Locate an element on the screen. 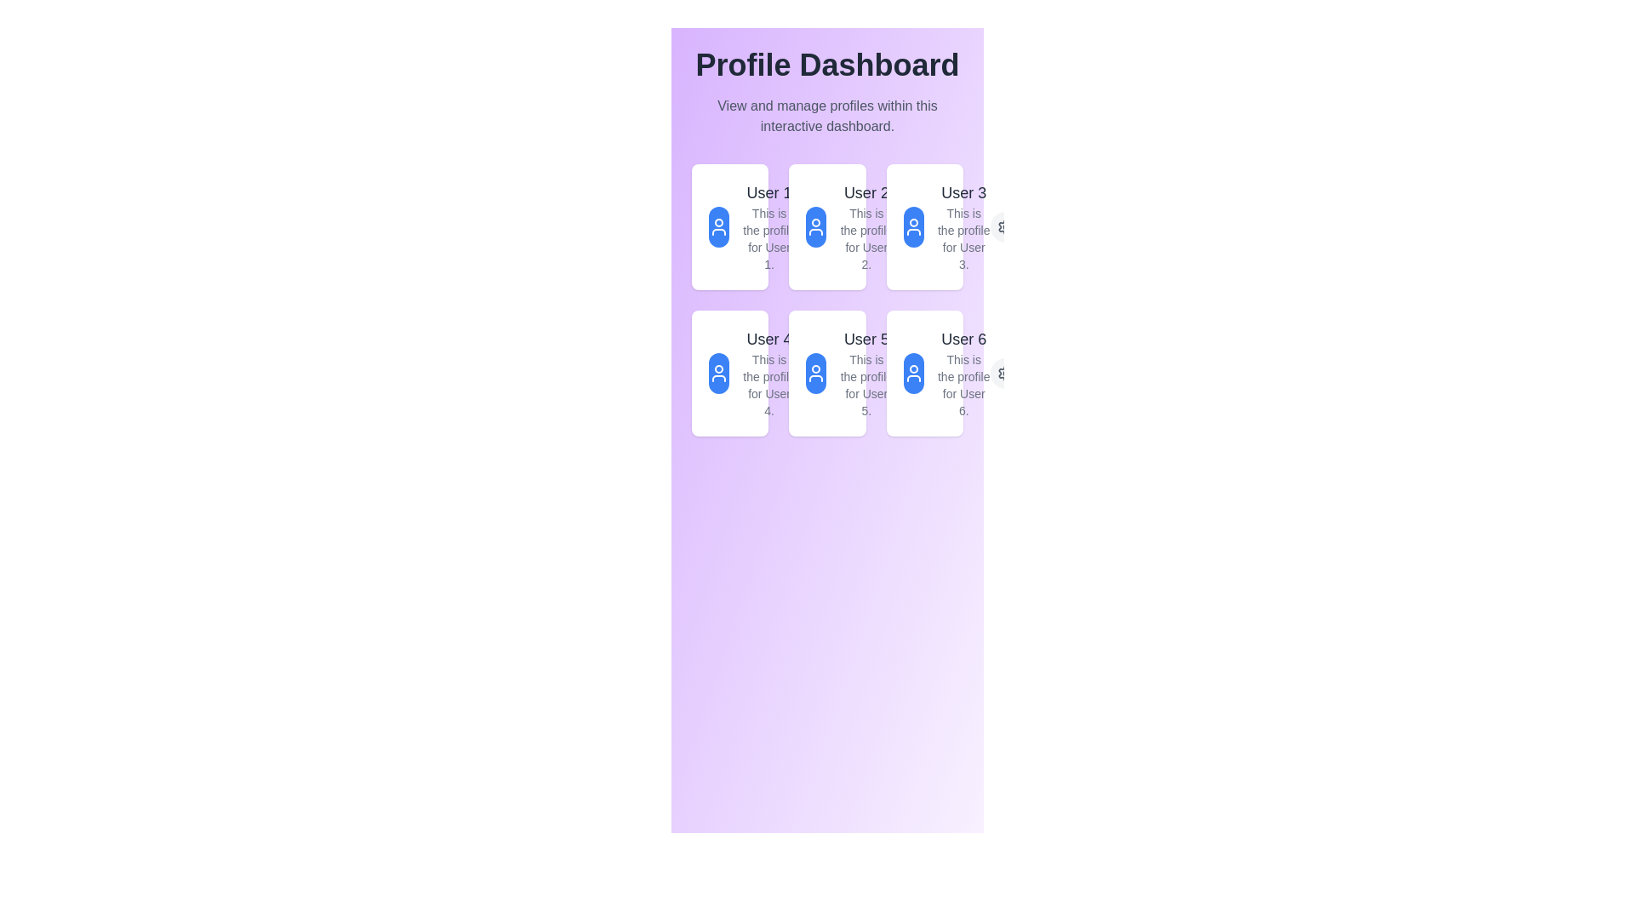 This screenshot has height=919, width=1634. the Text block element displaying 'User 3' and 'This is the profile for User 3.' in the top-right portion of the grid layout is located at coordinates (963, 225).